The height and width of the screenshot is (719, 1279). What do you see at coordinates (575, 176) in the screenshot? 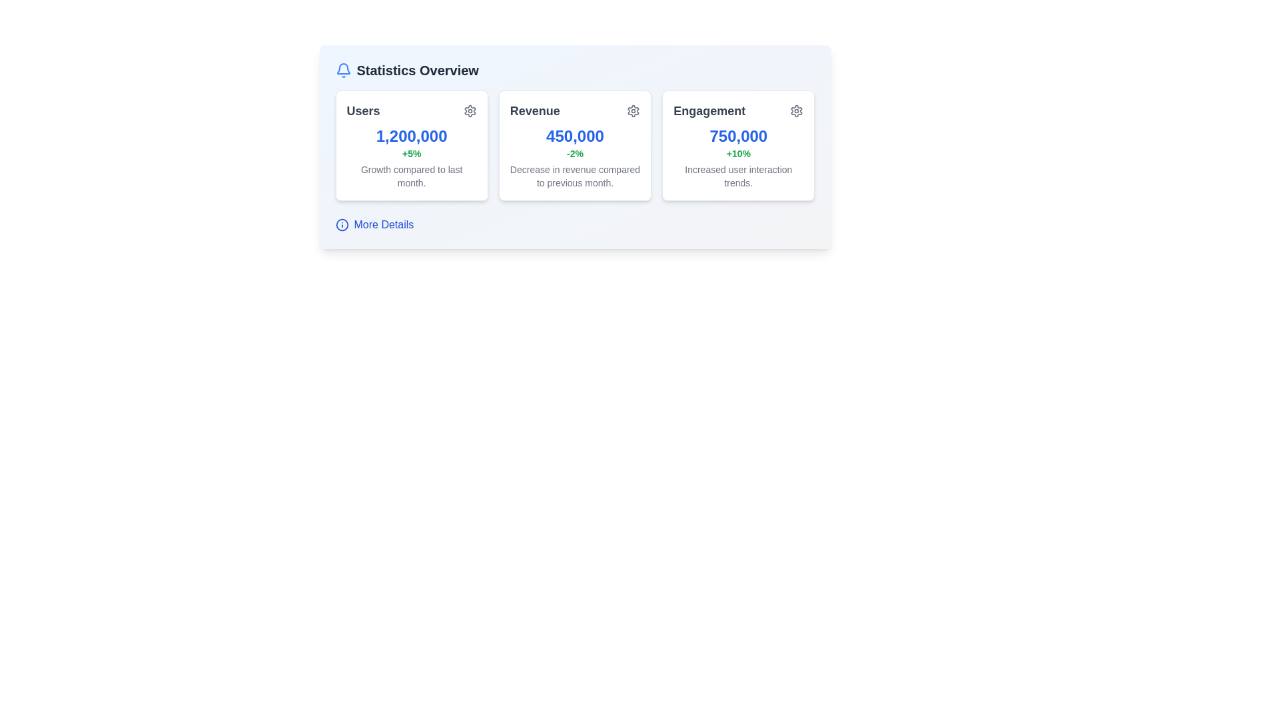
I see `the text display that reads 'Decrease in revenue compared to previous month.' located below the percentage '-2%' in the statistic card titled 'Revenue'` at bounding box center [575, 176].